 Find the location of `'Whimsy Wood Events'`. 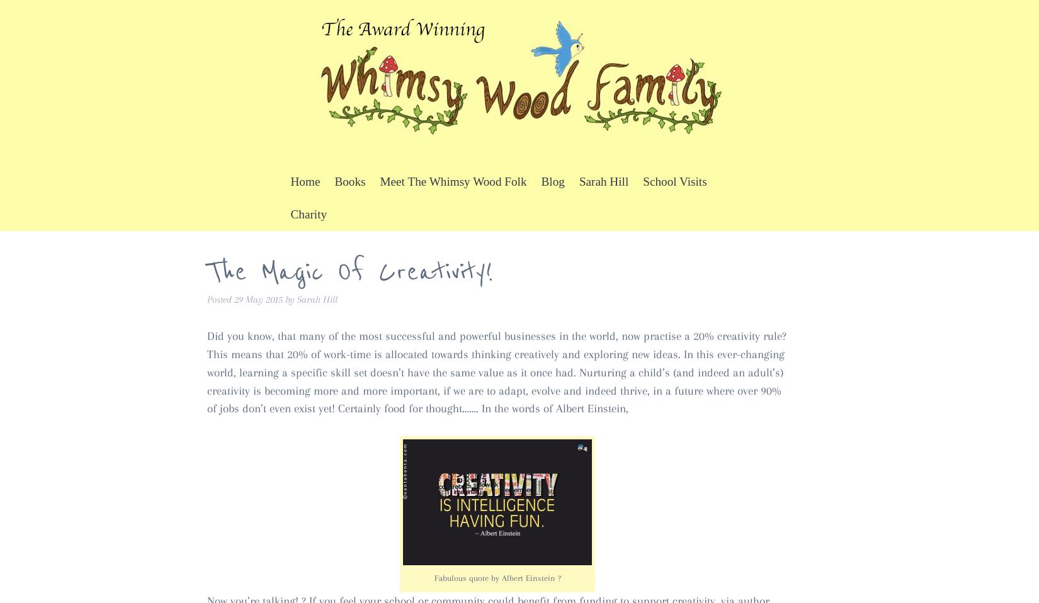

'Whimsy Wood Events' is located at coordinates (687, 210).